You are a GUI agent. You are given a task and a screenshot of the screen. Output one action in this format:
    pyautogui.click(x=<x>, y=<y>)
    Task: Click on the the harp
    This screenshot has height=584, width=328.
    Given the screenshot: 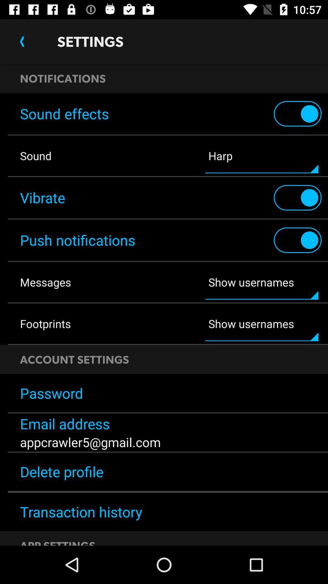 What is the action you would take?
    pyautogui.click(x=261, y=156)
    